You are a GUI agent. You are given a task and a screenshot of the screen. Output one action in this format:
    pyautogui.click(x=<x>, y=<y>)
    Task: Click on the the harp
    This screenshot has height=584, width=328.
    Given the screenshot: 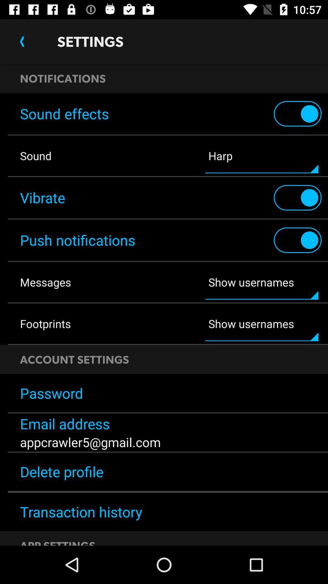 What is the action you would take?
    pyautogui.click(x=261, y=156)
    